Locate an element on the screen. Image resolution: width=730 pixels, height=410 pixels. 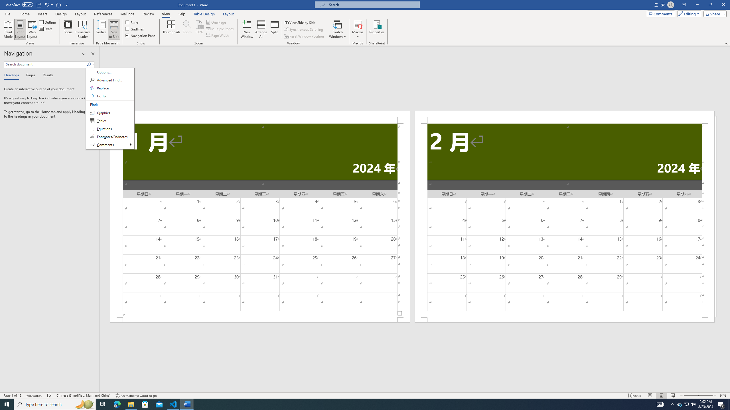
'One Page' is located at coordinates (216, 22).